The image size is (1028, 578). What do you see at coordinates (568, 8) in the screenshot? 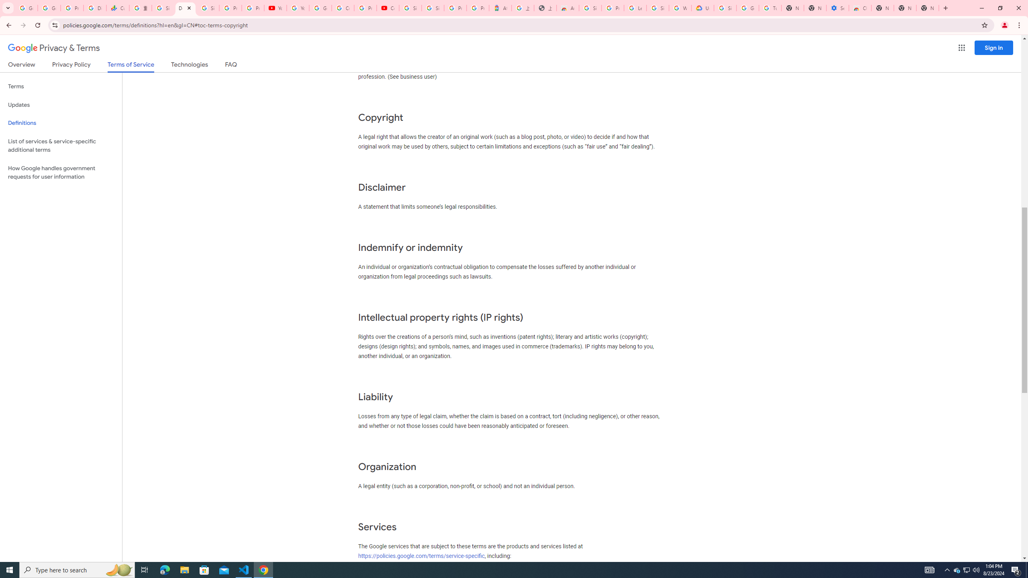
I see `'Awesome Screen Recorder & Screenshot - Chrome Web Store'` at bounding box center [568, 8].